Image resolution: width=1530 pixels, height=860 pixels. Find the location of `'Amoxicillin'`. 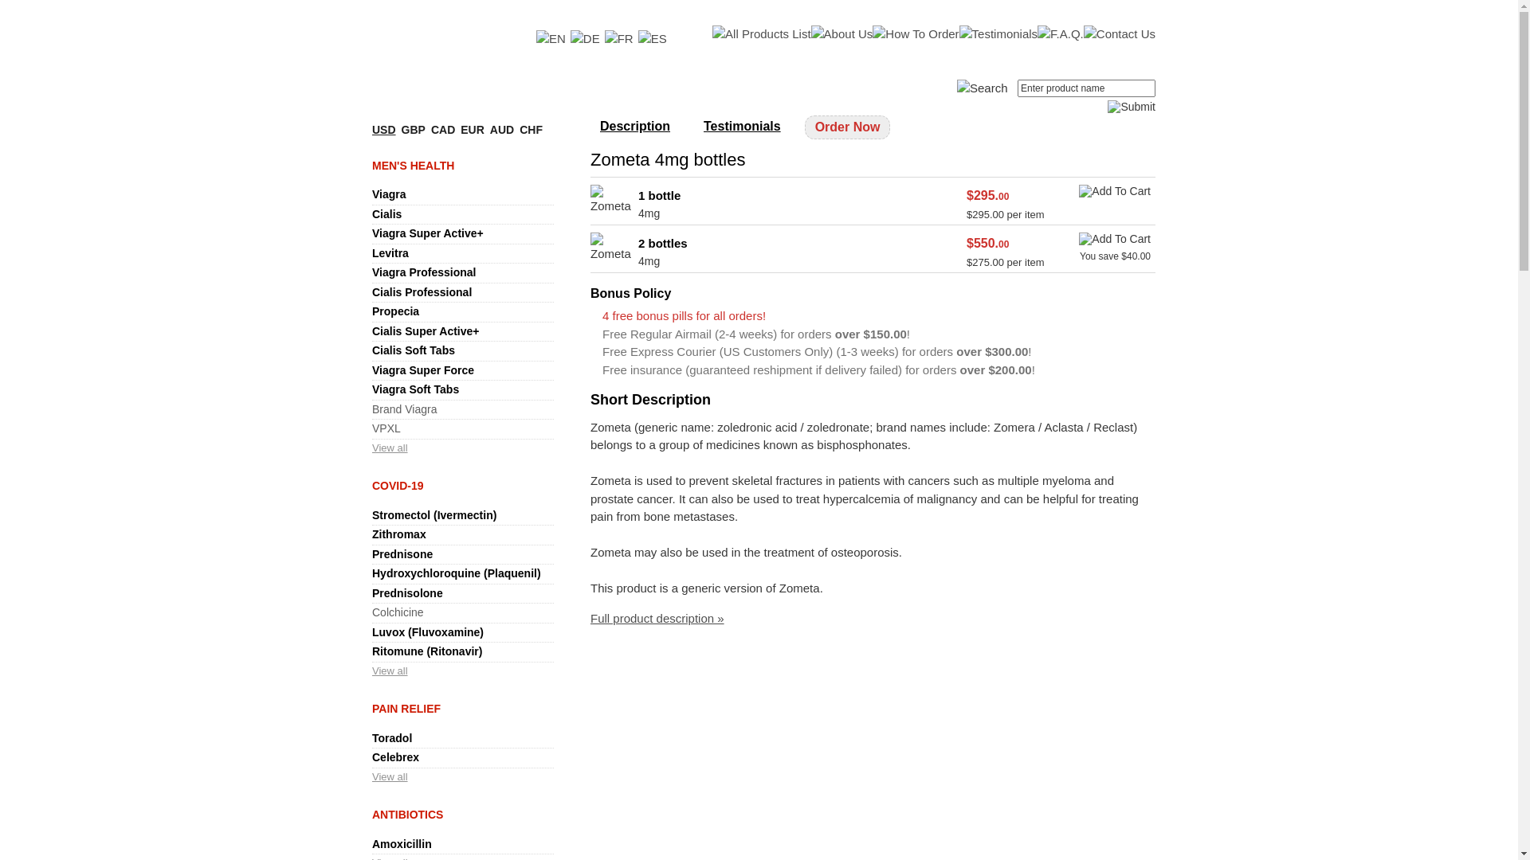

'Amoxicillin' is located at coordinates (402, 843).